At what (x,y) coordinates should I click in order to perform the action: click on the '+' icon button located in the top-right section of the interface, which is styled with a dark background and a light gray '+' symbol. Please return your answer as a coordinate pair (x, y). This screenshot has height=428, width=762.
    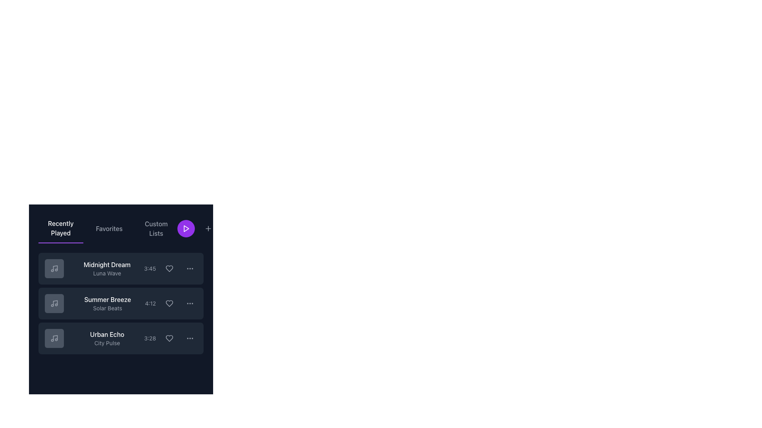
    Looking at the image, I should click on (208, 229).